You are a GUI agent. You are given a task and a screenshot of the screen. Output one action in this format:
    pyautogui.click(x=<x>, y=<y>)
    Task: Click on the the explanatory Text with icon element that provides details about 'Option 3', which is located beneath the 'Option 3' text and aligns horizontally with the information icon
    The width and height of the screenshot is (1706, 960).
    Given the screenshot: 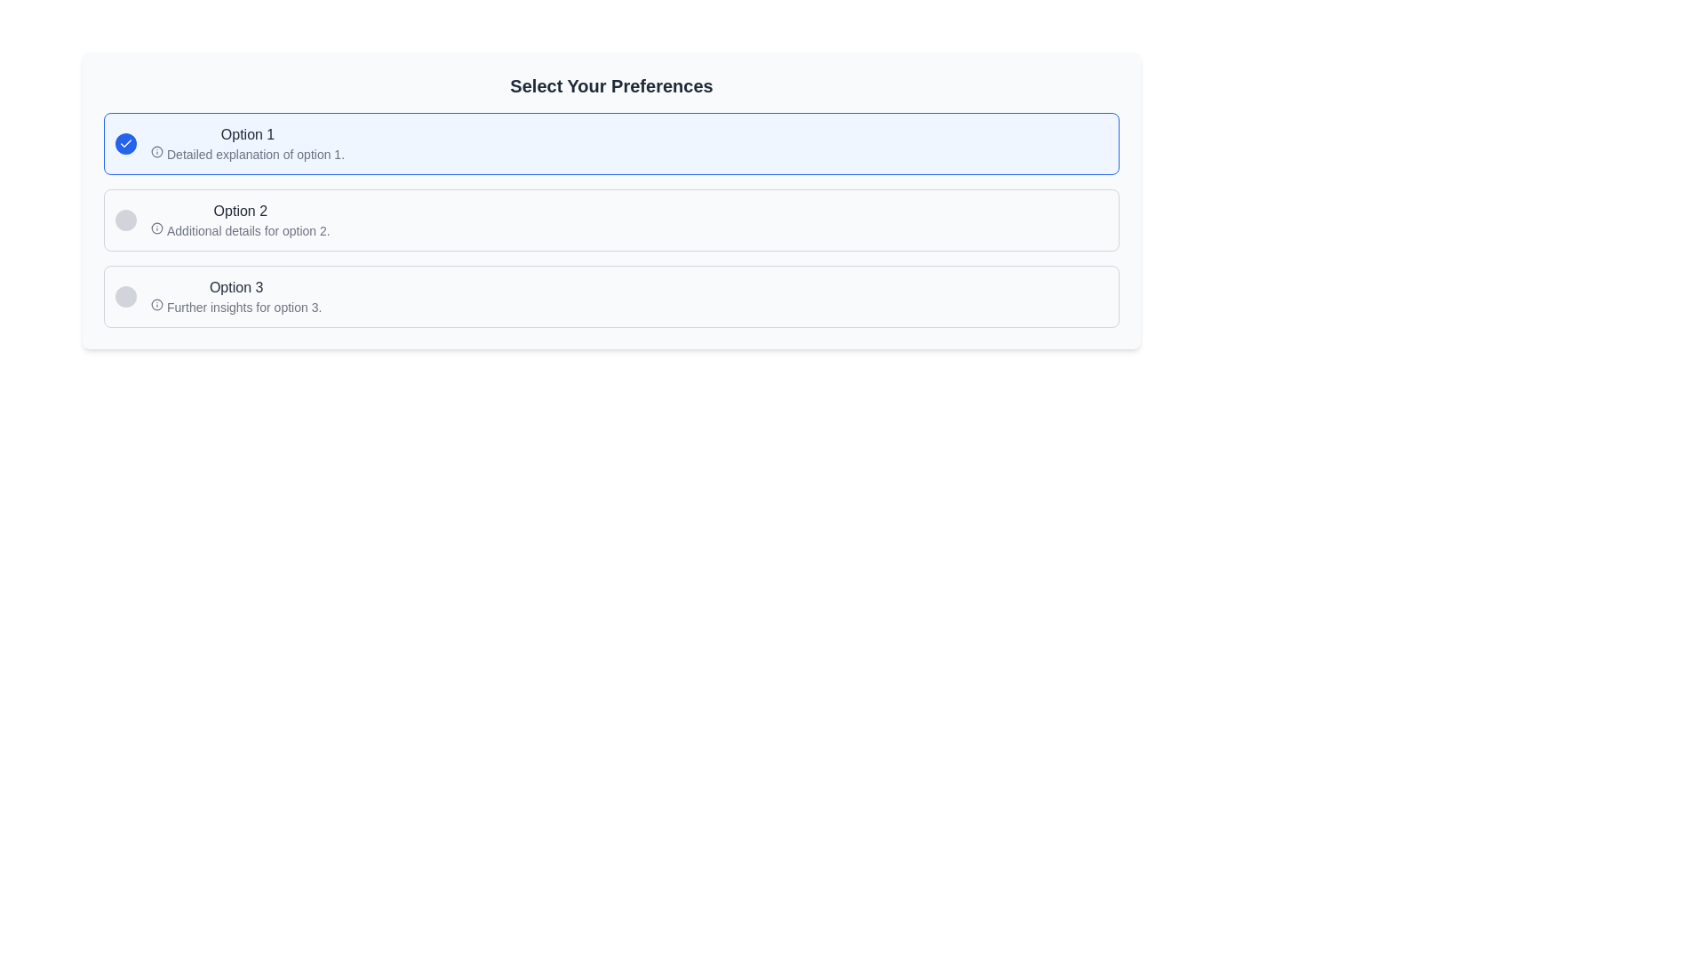 What is the action you would take?
    pyautogui.click(x=235, y=307)
    